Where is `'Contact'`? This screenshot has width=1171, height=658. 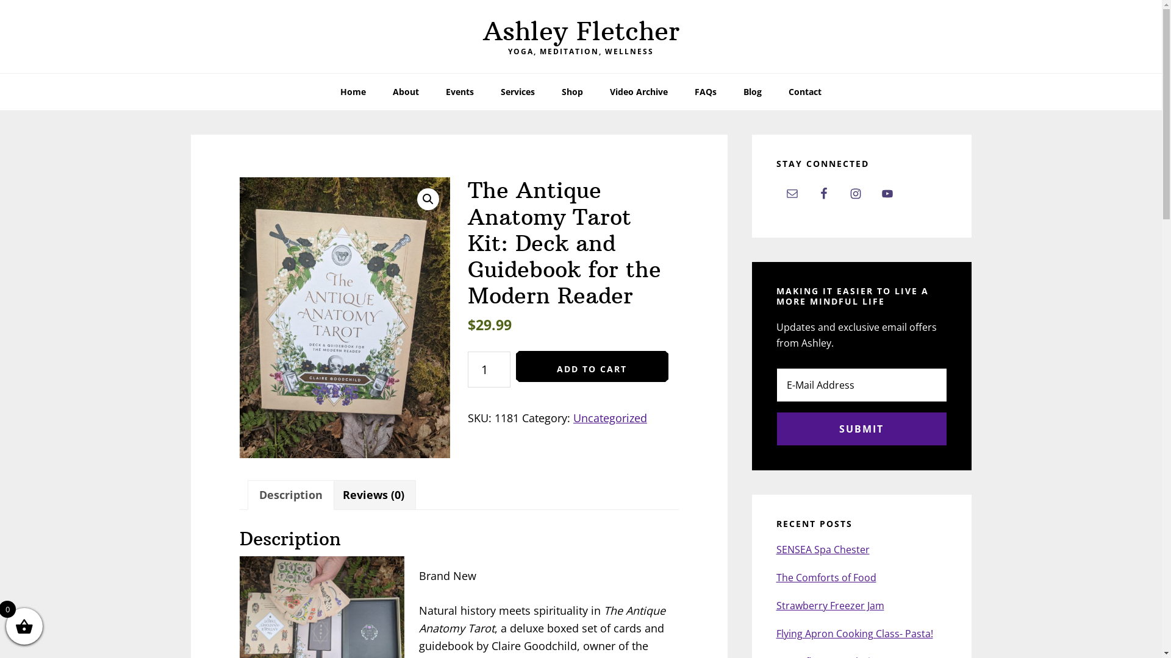
'Contact' is located at coordinates (805, 91).